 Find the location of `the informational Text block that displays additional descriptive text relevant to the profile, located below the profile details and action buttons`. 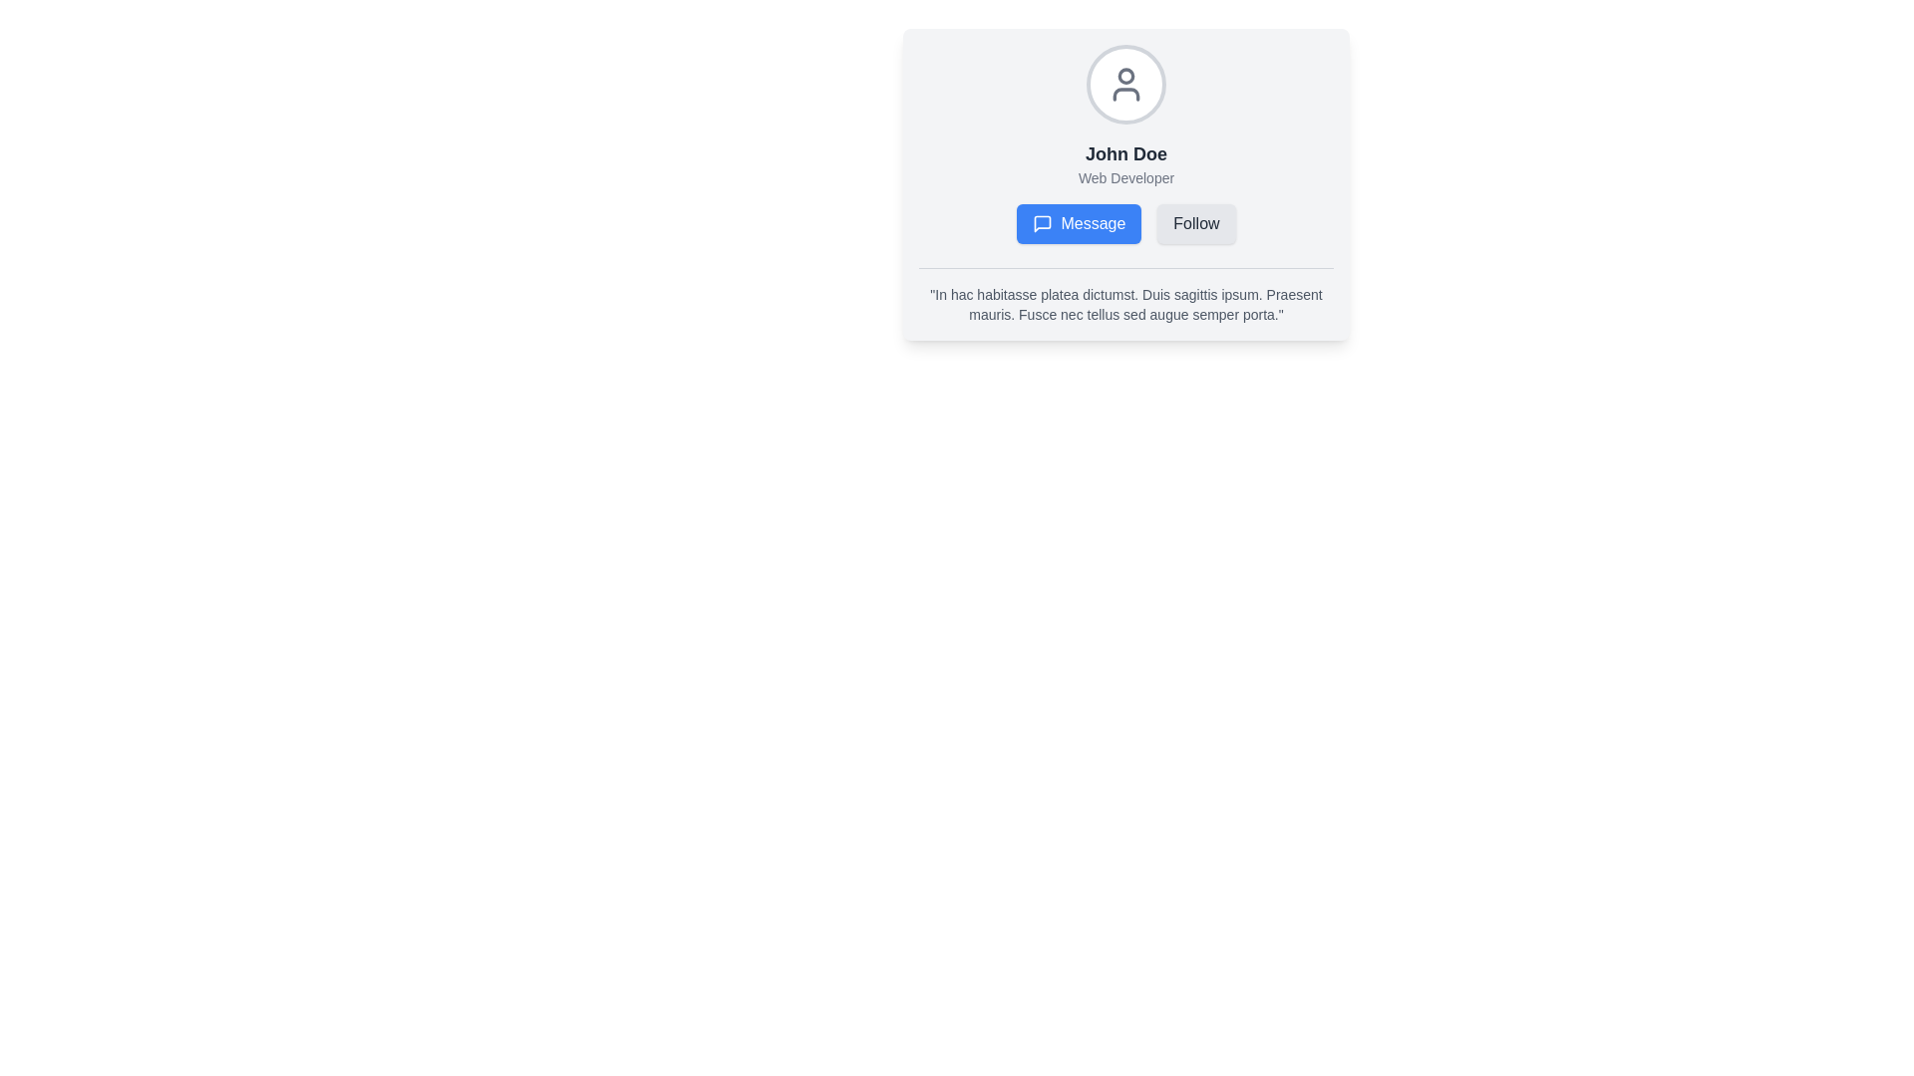

the informational Text block that displays additional descriptive text relevant to the profile, located below the profile details and action buttons is located at coordinates (1125, 304).